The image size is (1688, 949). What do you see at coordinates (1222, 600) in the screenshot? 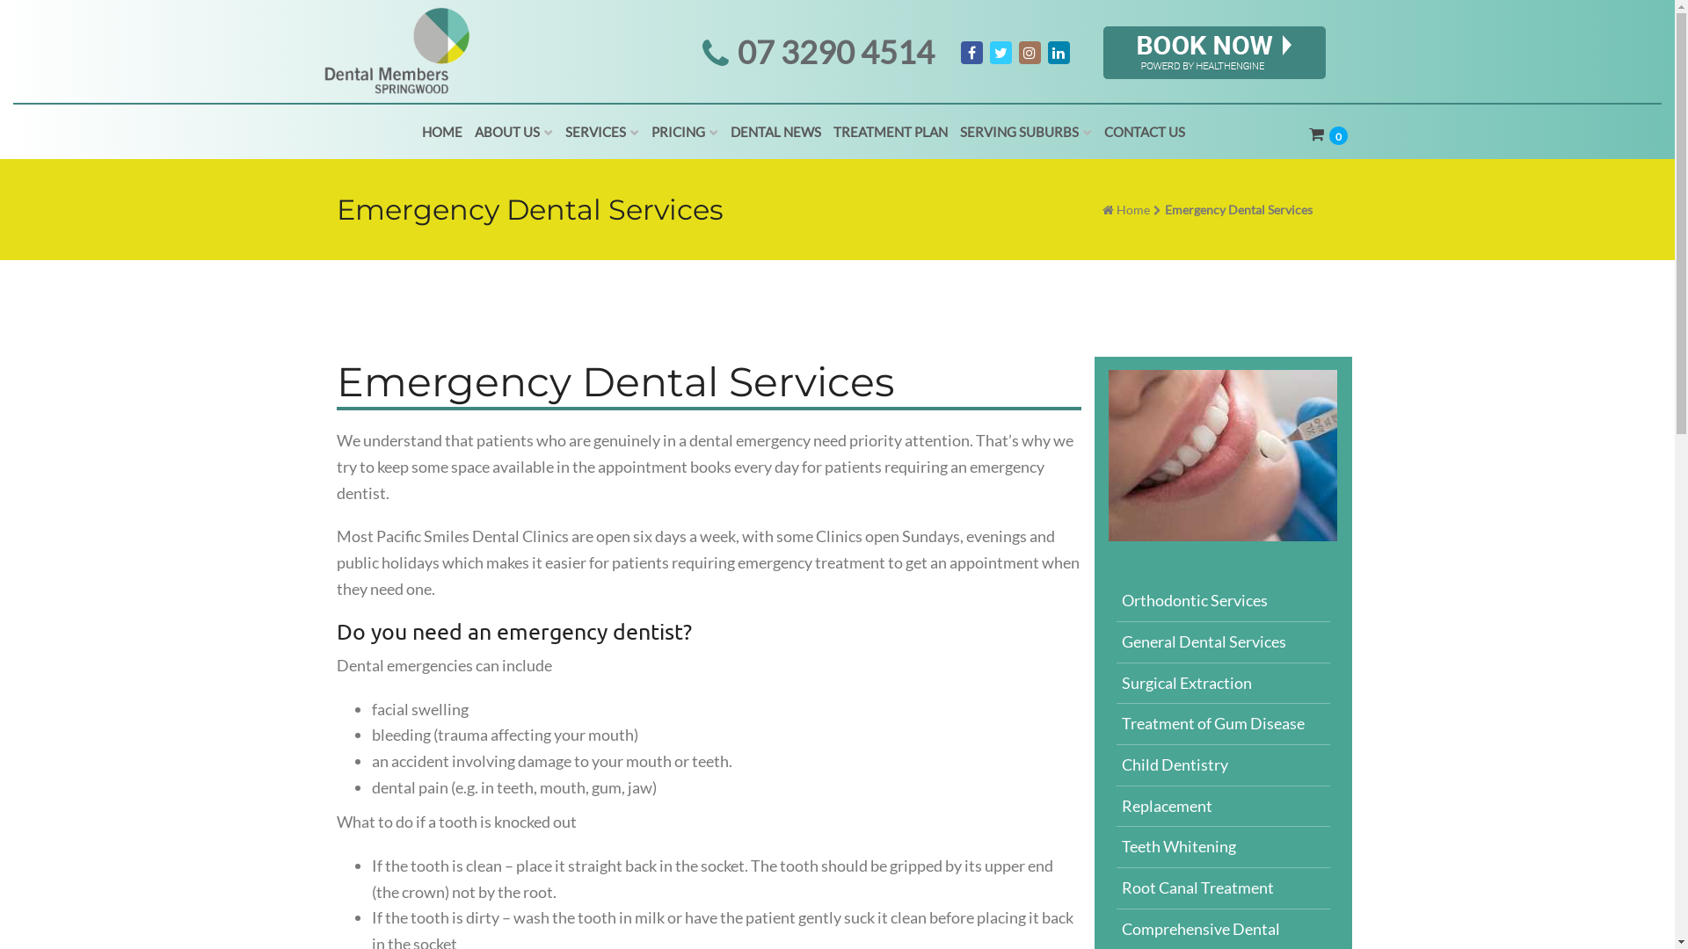
I see `'Orthodontic Services'` at bounding box center [1222, 600].